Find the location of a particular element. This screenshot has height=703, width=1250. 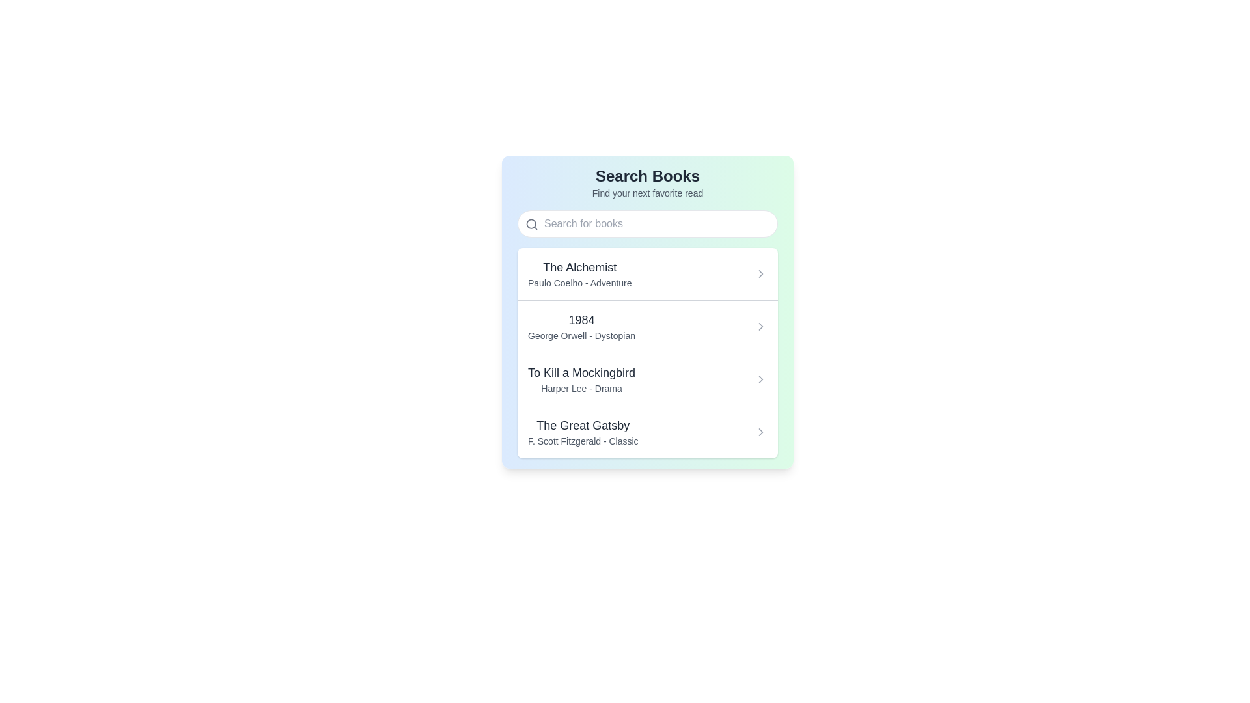

the static text label displaying 'Harper Lee - Drama', which is positioned directly below the title 'To Kill a Mockingbird' and is styled in gray color is located at coordinates (581, 388).